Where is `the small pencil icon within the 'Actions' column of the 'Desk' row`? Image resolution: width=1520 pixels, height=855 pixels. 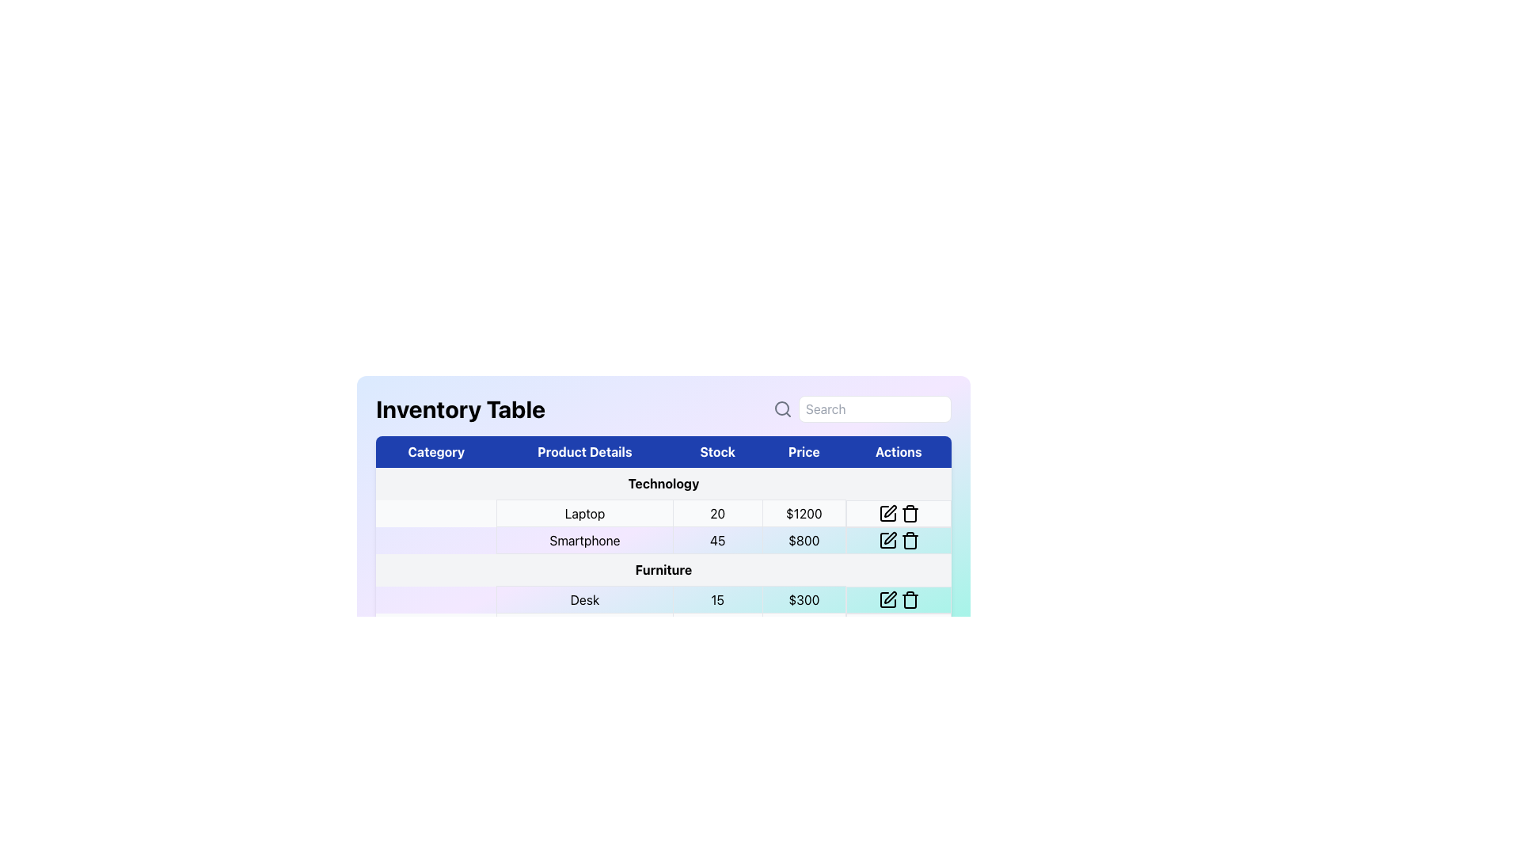
the small pencil icon within the 'Actions' column of the 'Desk' row is located at coordinates (887, 599).